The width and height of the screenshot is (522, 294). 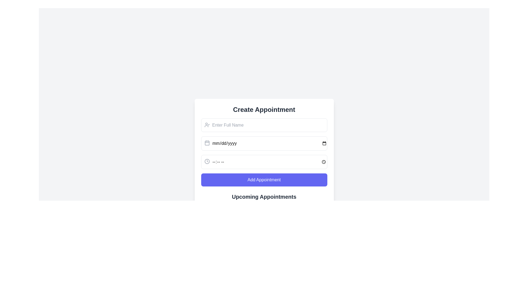 What do you see at coordinates (264, 180) in the screenshot?
I see `the 'Add Appointment' button` at bounding box center [264, 180].